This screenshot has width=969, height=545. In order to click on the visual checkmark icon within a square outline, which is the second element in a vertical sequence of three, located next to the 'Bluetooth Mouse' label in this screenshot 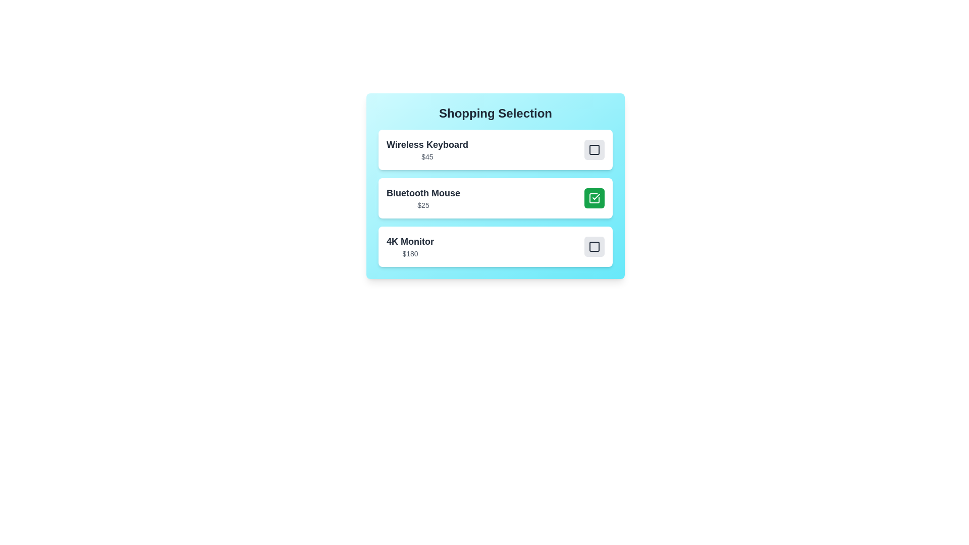, I will do `click(596, 196)`.